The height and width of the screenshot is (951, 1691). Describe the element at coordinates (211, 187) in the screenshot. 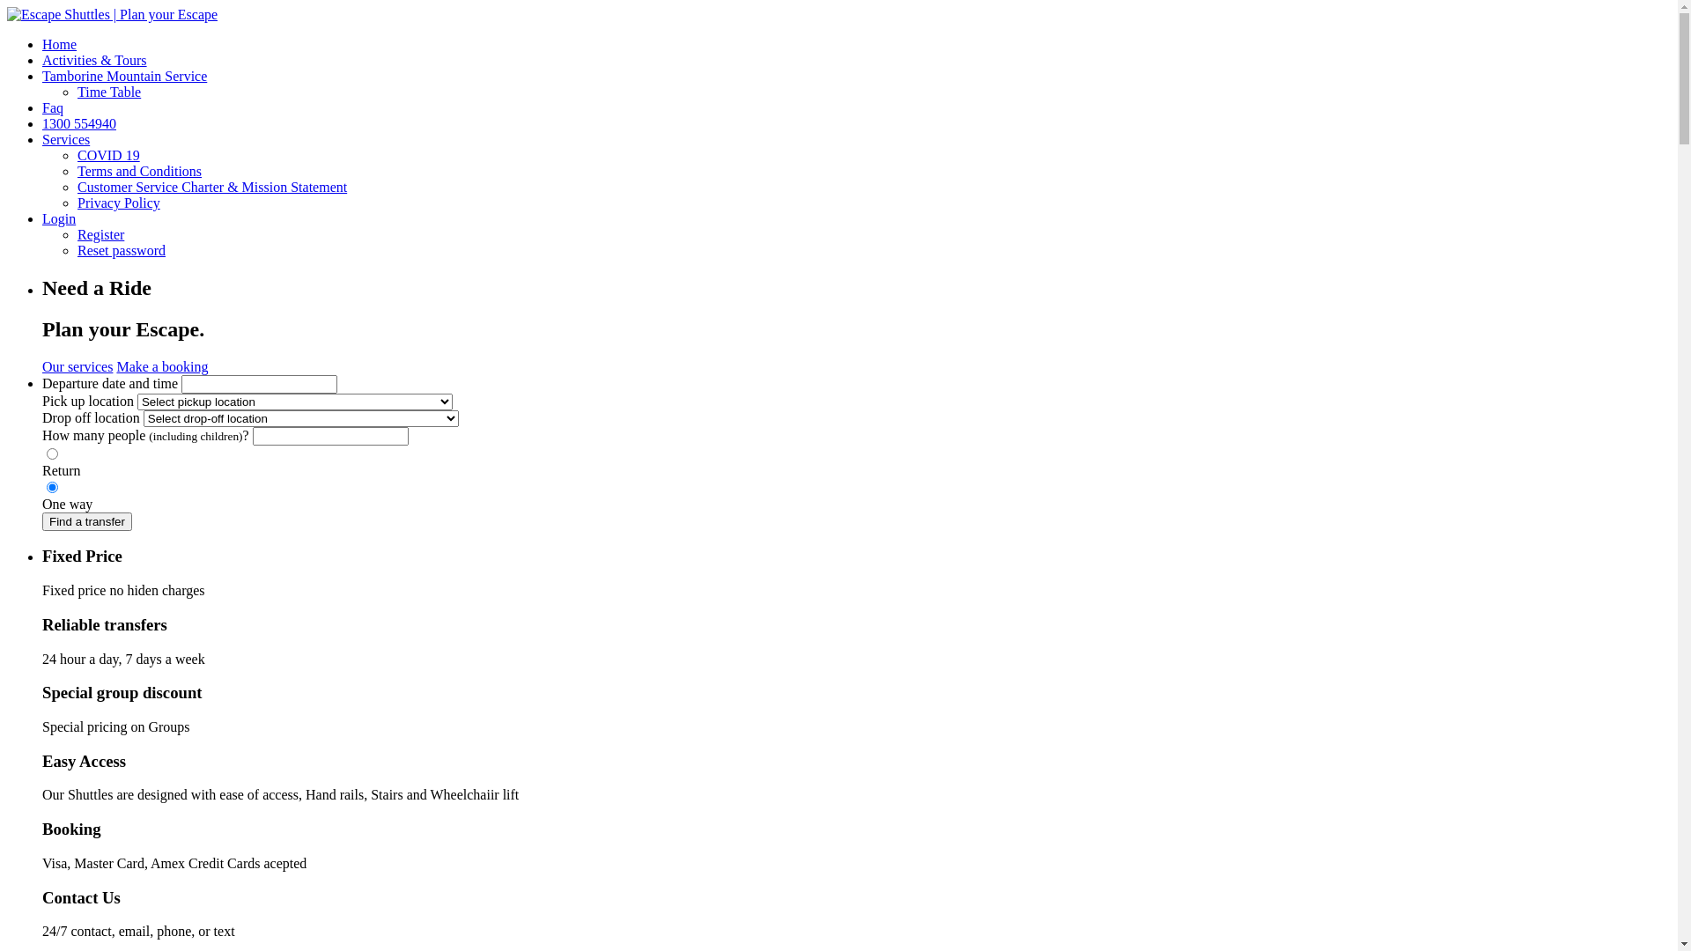

I see `'Customer Service Charter & Mission Statement'` at that location.